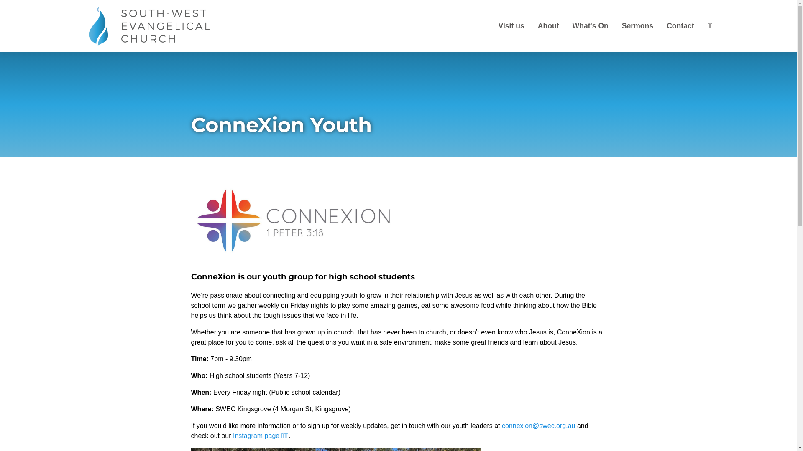 Image resolution: width=803 pixels, height=451 pixels. What do you see at coordinates (680, 25) in the screenshot?
I see `'Contact'` at bounding box center [680, 25].